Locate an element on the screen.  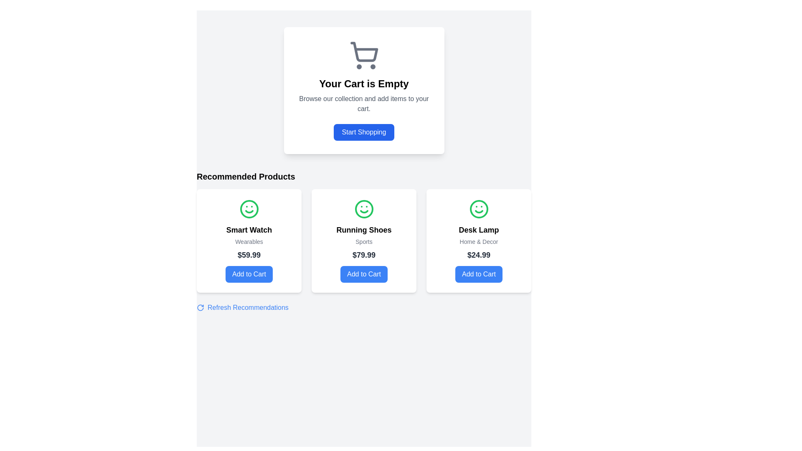
the blue circular icon with a clockwise rotation arrow located to the left of the 'Refresh Recommendations' text is located at coordinates (200, 307).